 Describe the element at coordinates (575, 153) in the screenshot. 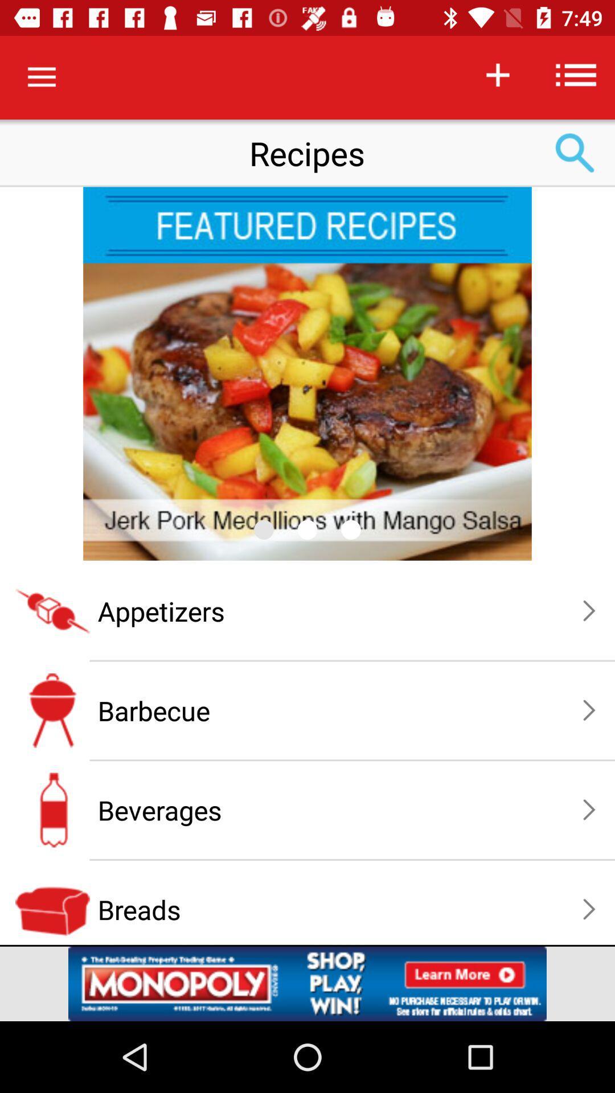

I see `the search icon` at that location.